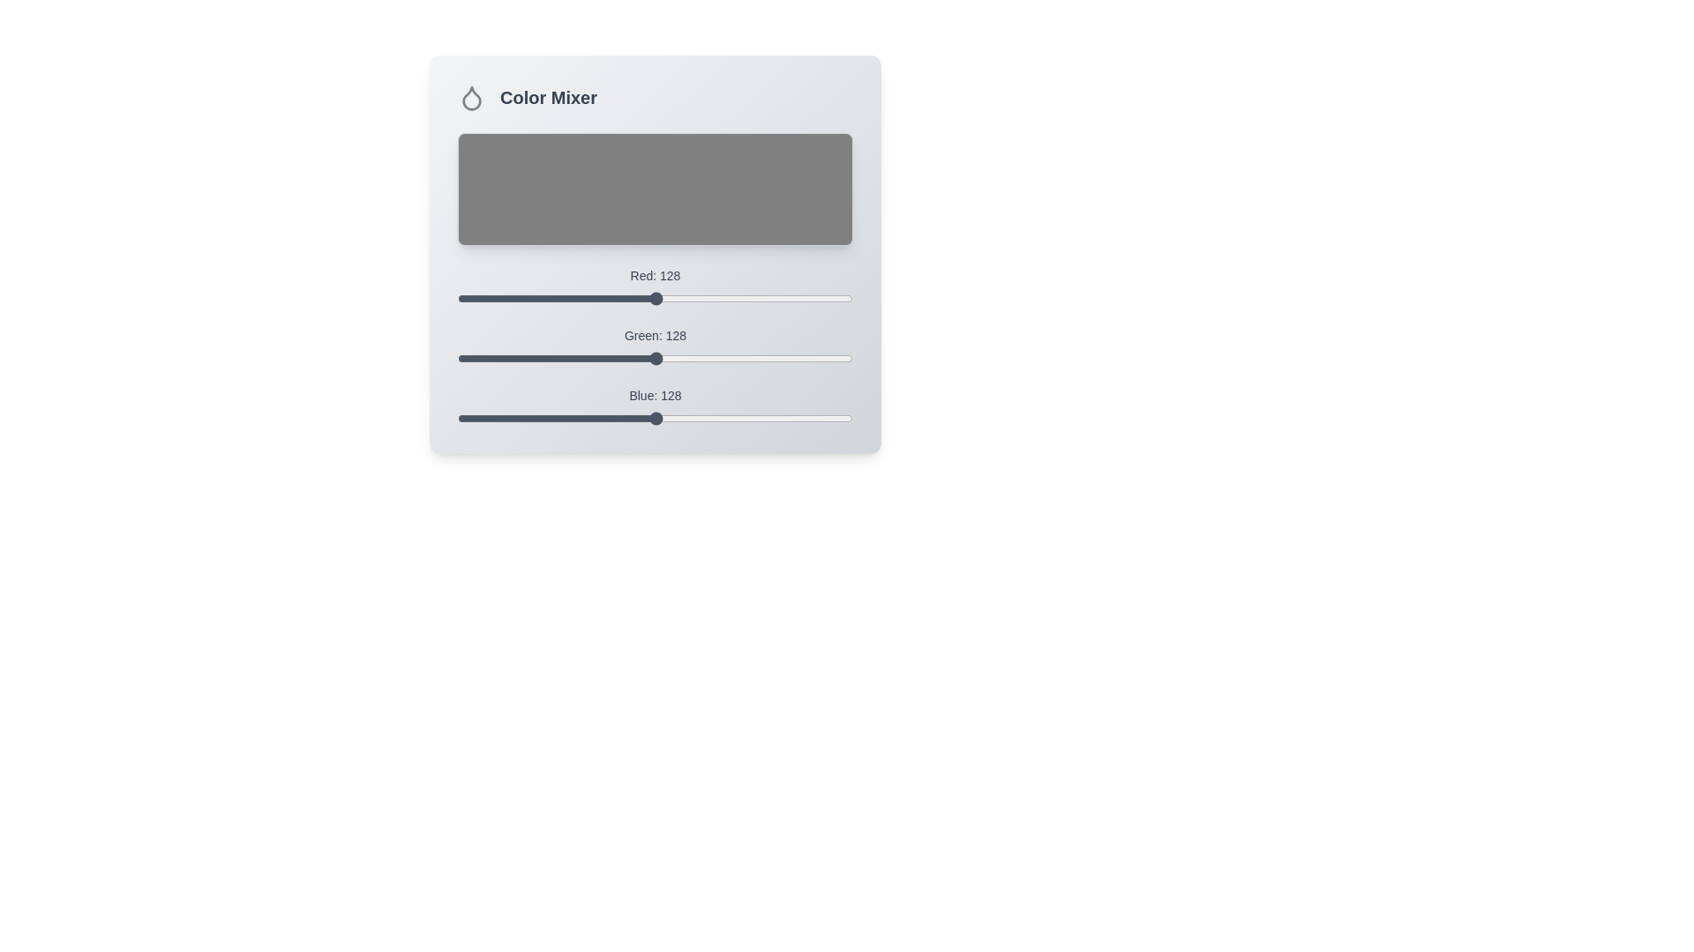  What do you see at coordinates (732, 358) in the screenshot?
I see `the green slider to 177` at bounding box center [732, 358].